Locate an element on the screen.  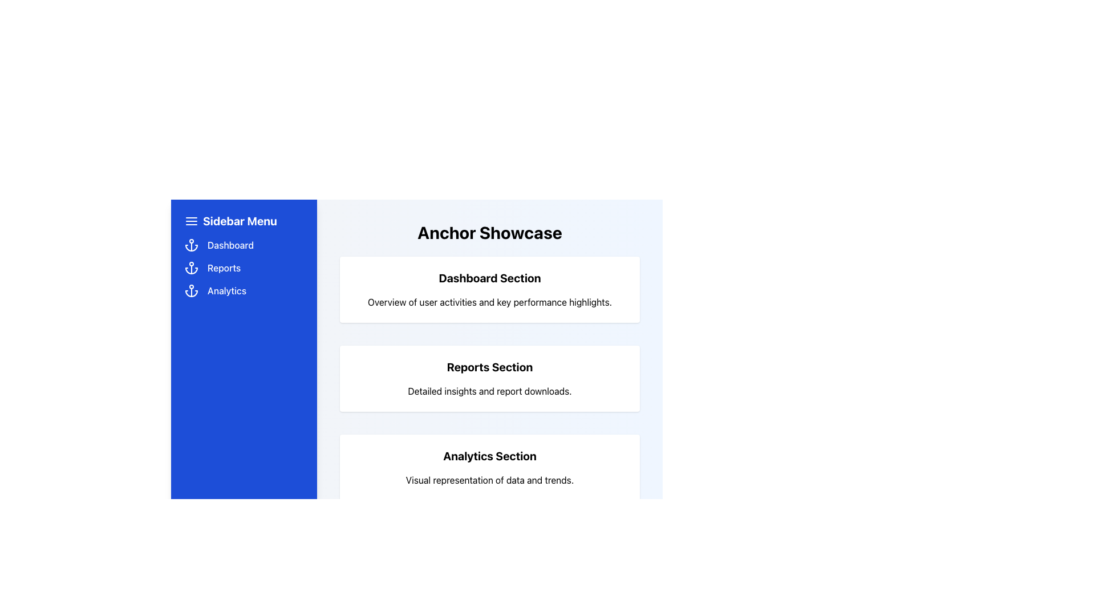
the text label containing the message 'Visual representation of data and trends.' which is positioned directly below the 'Analytics Section' heading is located at coordinates (490, 480).